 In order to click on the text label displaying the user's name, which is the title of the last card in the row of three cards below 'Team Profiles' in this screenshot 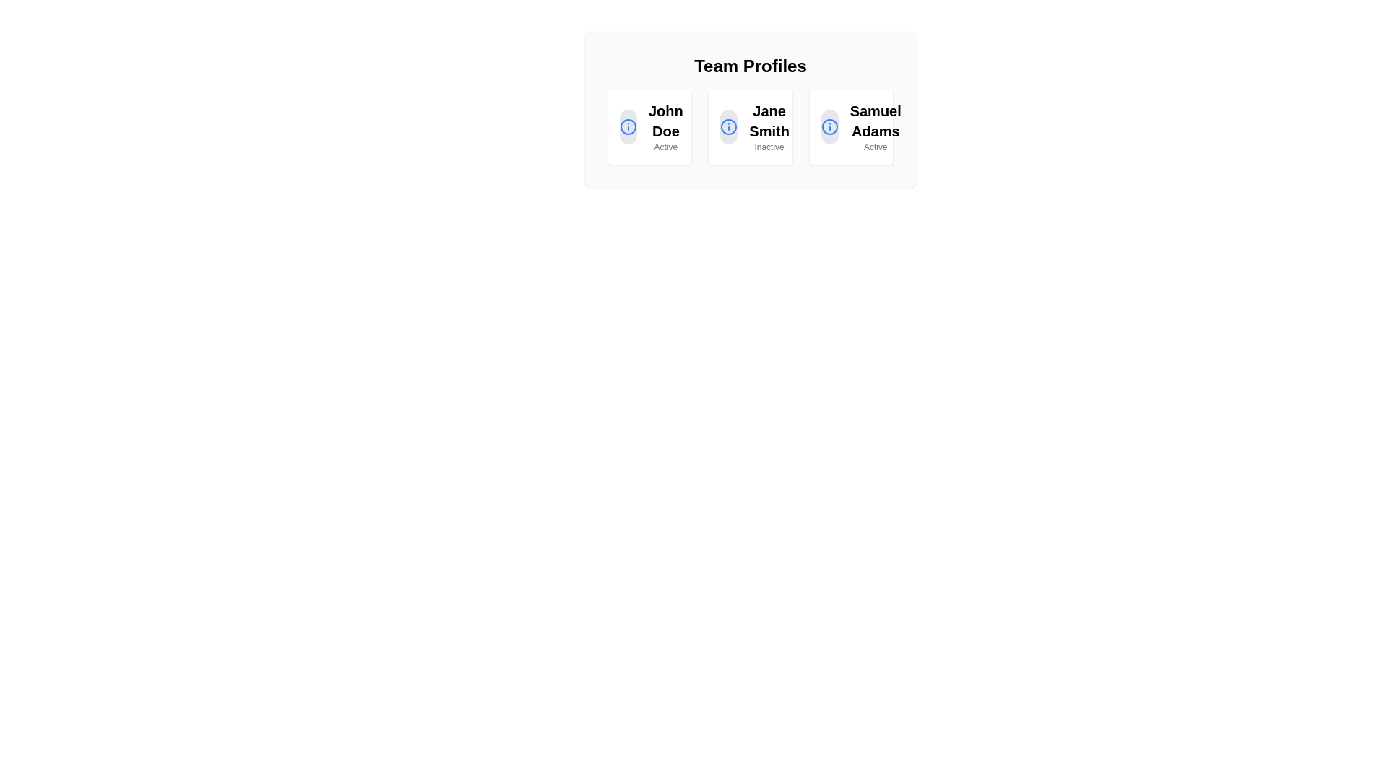, I will do `click(875, 121)`.